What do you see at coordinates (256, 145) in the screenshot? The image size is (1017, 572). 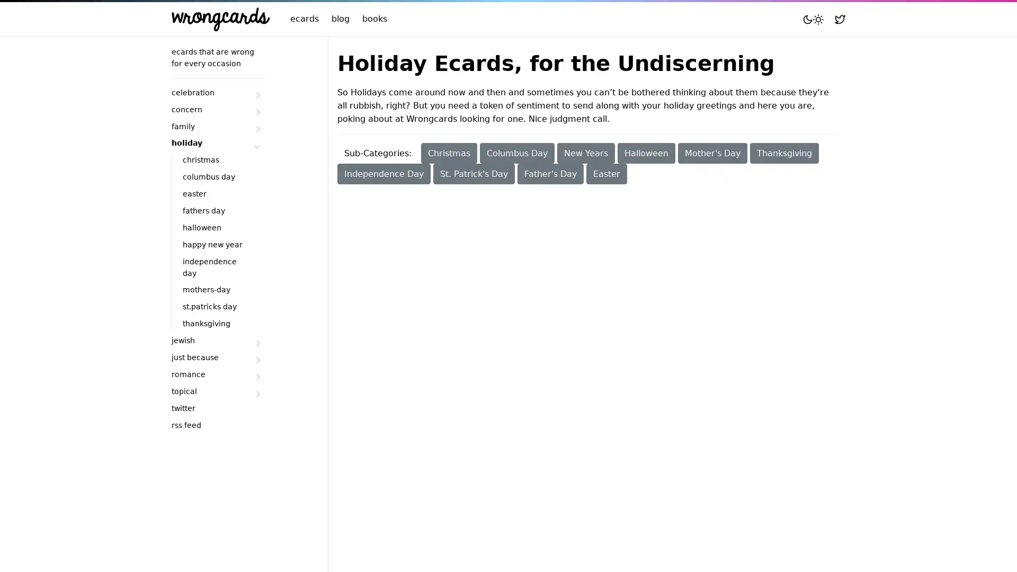 I see `Submenu` at bounding box center [256, 145].